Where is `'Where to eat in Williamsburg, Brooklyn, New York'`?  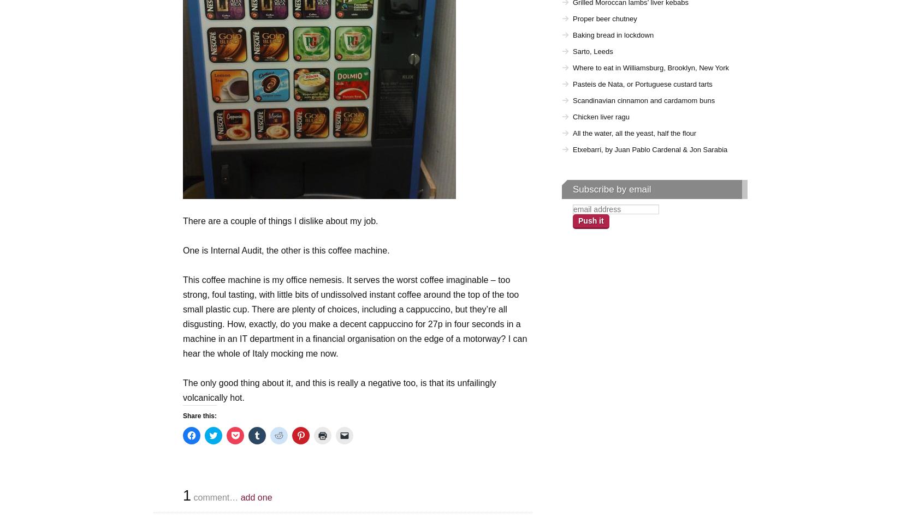 'Where to eat in Williamsburg, Brooklyn, New York' is located at coordinates (650, 68).